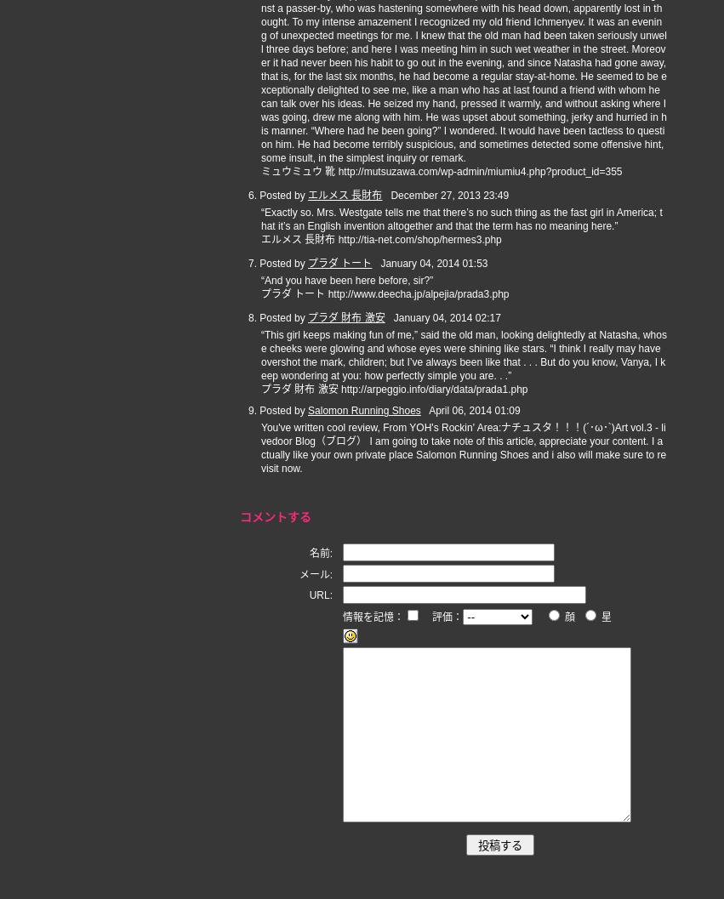  What do you see at coordinates (394, 389) in the screenshot?
I see `'プラダ 財布 激安 http://arpeggio.info/diary/data/prada1.php'` at bounding box center [394, 389].